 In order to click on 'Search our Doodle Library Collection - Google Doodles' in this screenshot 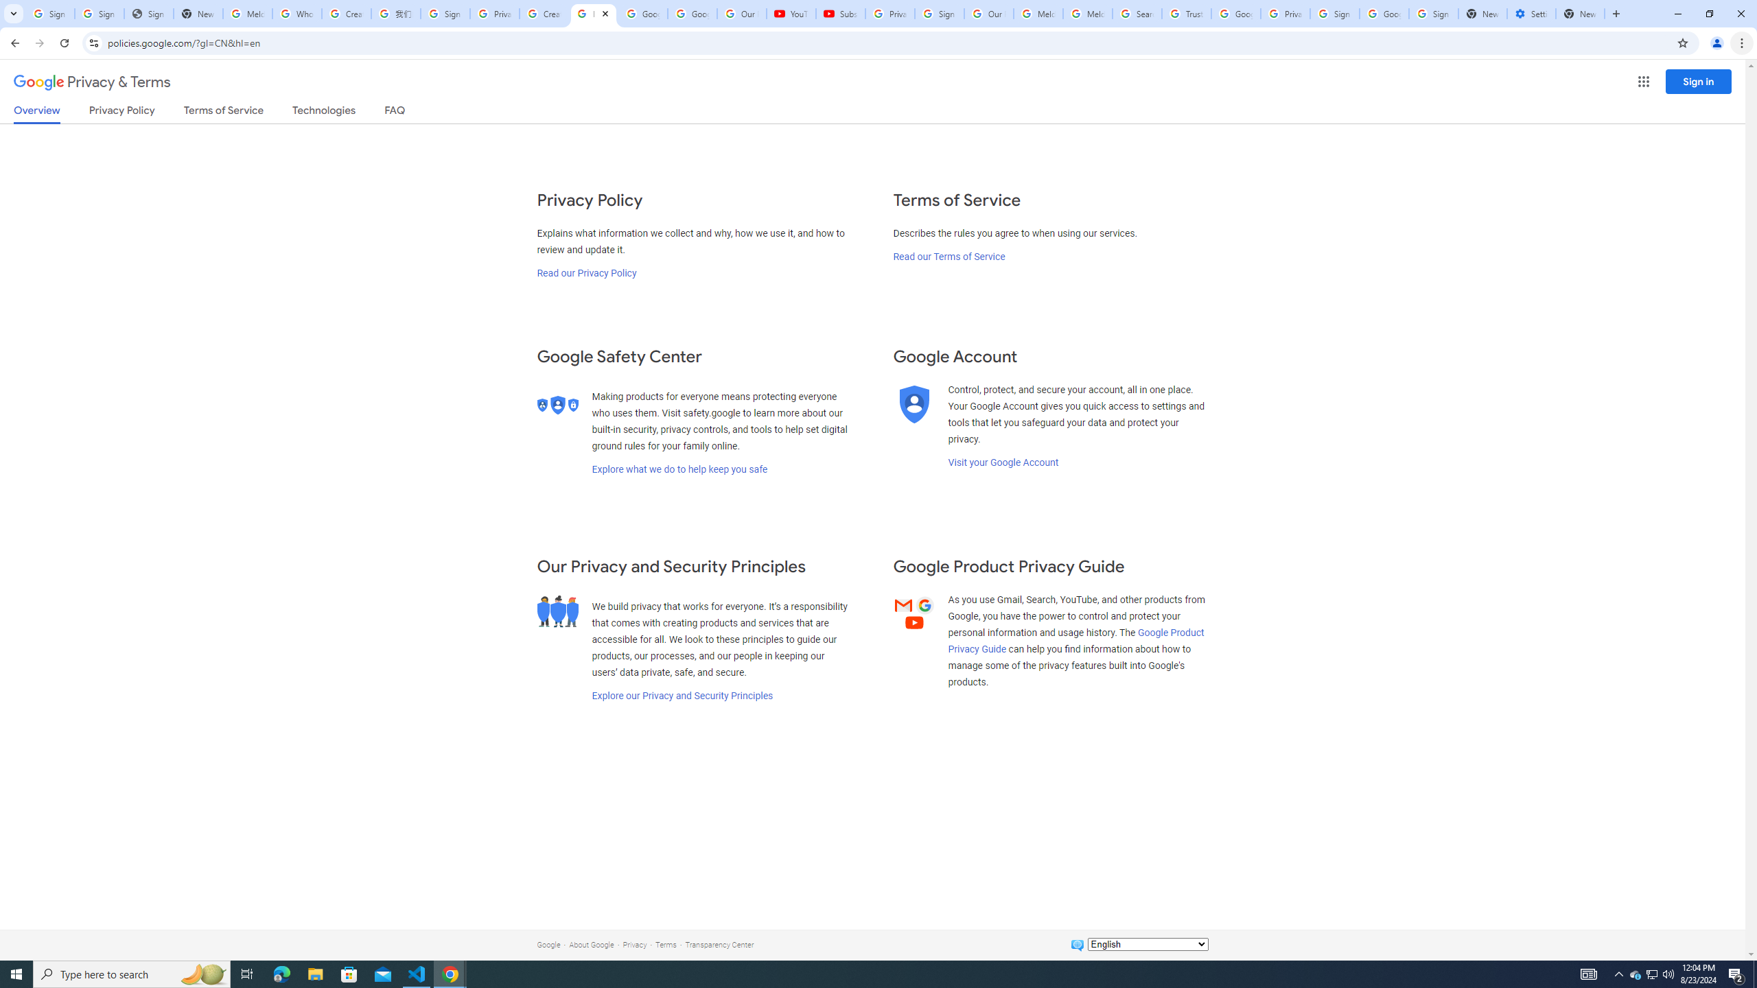, I will do `click(1137, 13)`.